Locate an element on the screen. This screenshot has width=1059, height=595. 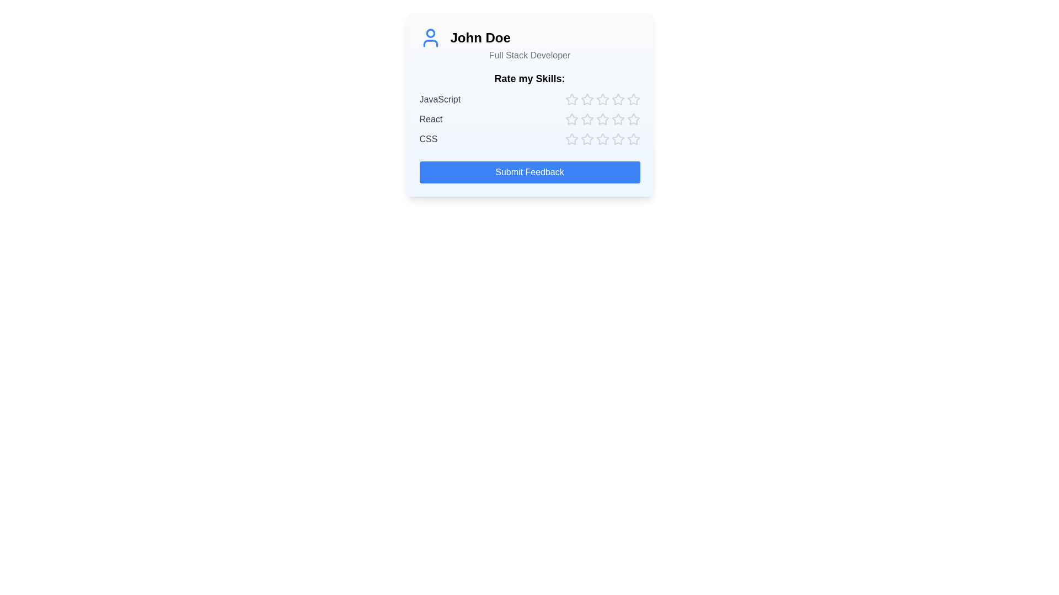
the star corresponding to skill React and rating 3 is located at coordinates (602, 119).